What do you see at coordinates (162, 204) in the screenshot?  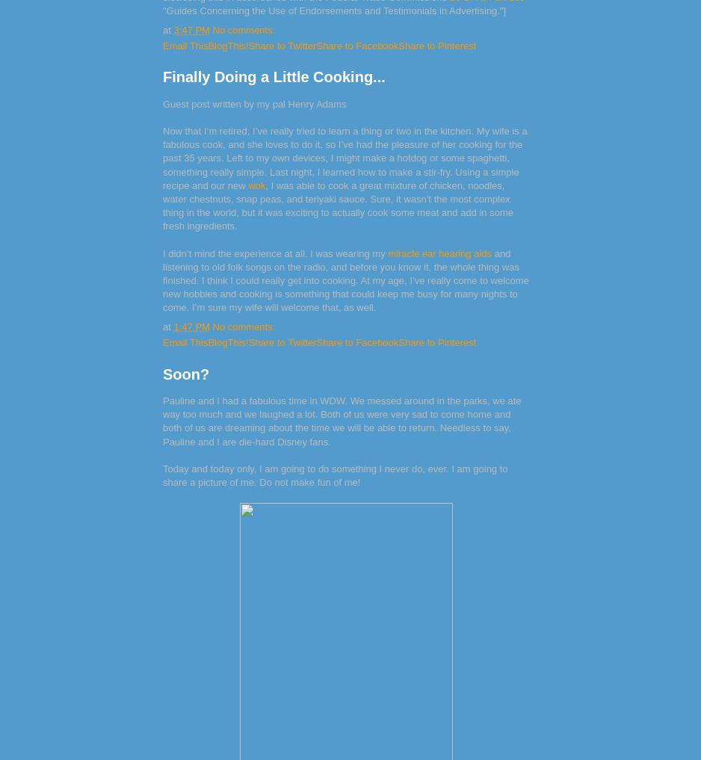 I see `', I was able to cook a great mixture of chicken, noodles, water chestnuts, snap peas, and teriyaki sauce. Sure, it wasn’t the most complex thing in the world, but it was exciting to actually cook some meat and add in some fresh ingredients.'` at bounding box center [162, 204].